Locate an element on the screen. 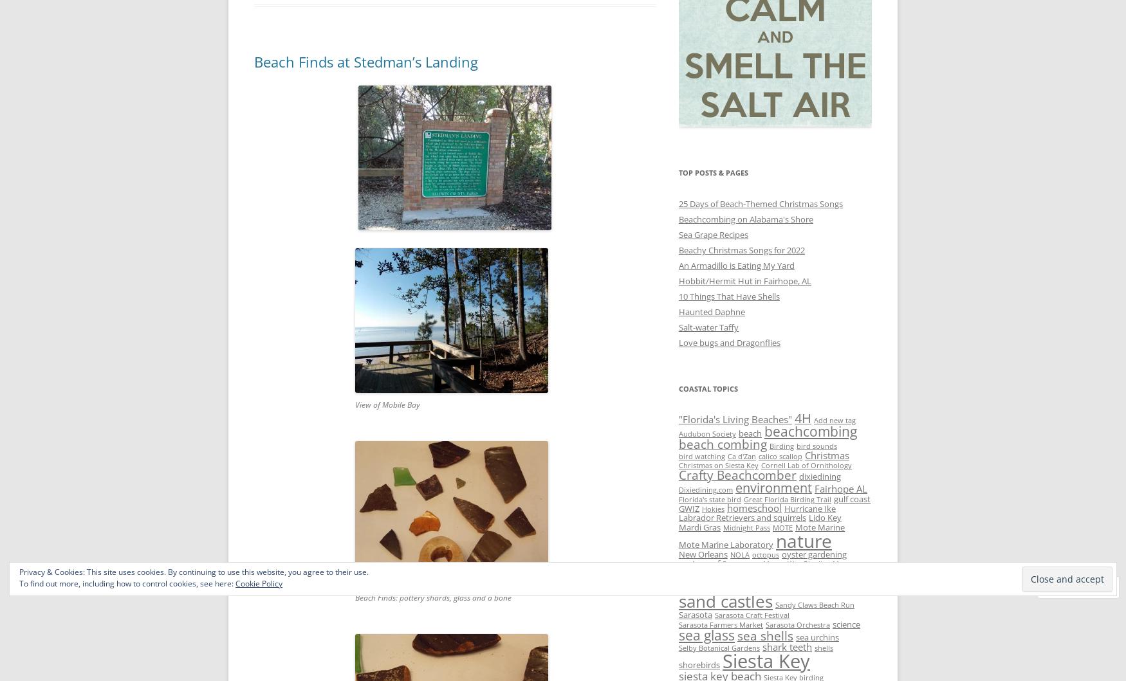  'environment' is located at coordinates (734, 486).